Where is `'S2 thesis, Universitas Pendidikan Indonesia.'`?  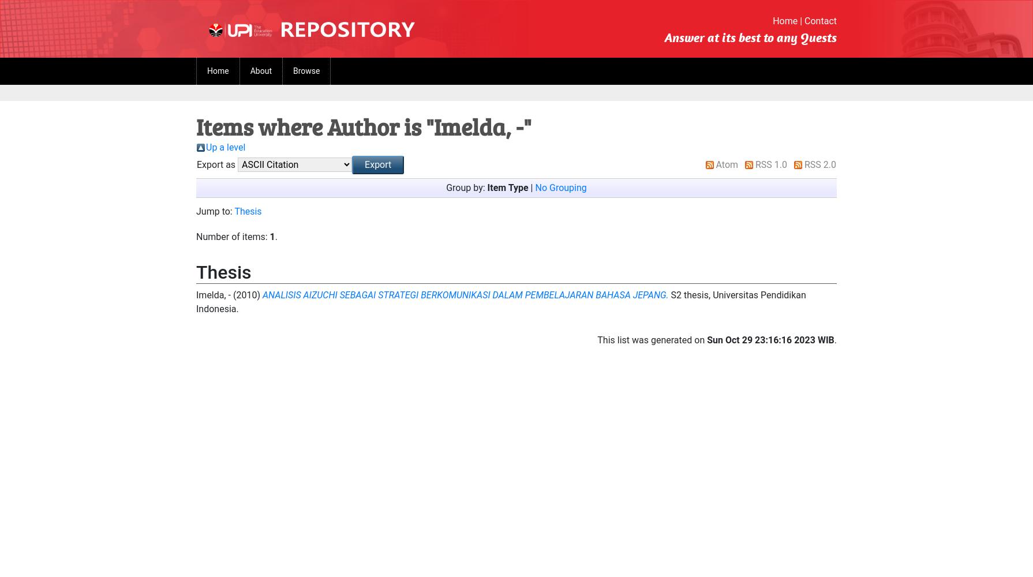
'S2 thesis, Universitas Pendidikan Indonesia.' is located at coordinates (500, 302).